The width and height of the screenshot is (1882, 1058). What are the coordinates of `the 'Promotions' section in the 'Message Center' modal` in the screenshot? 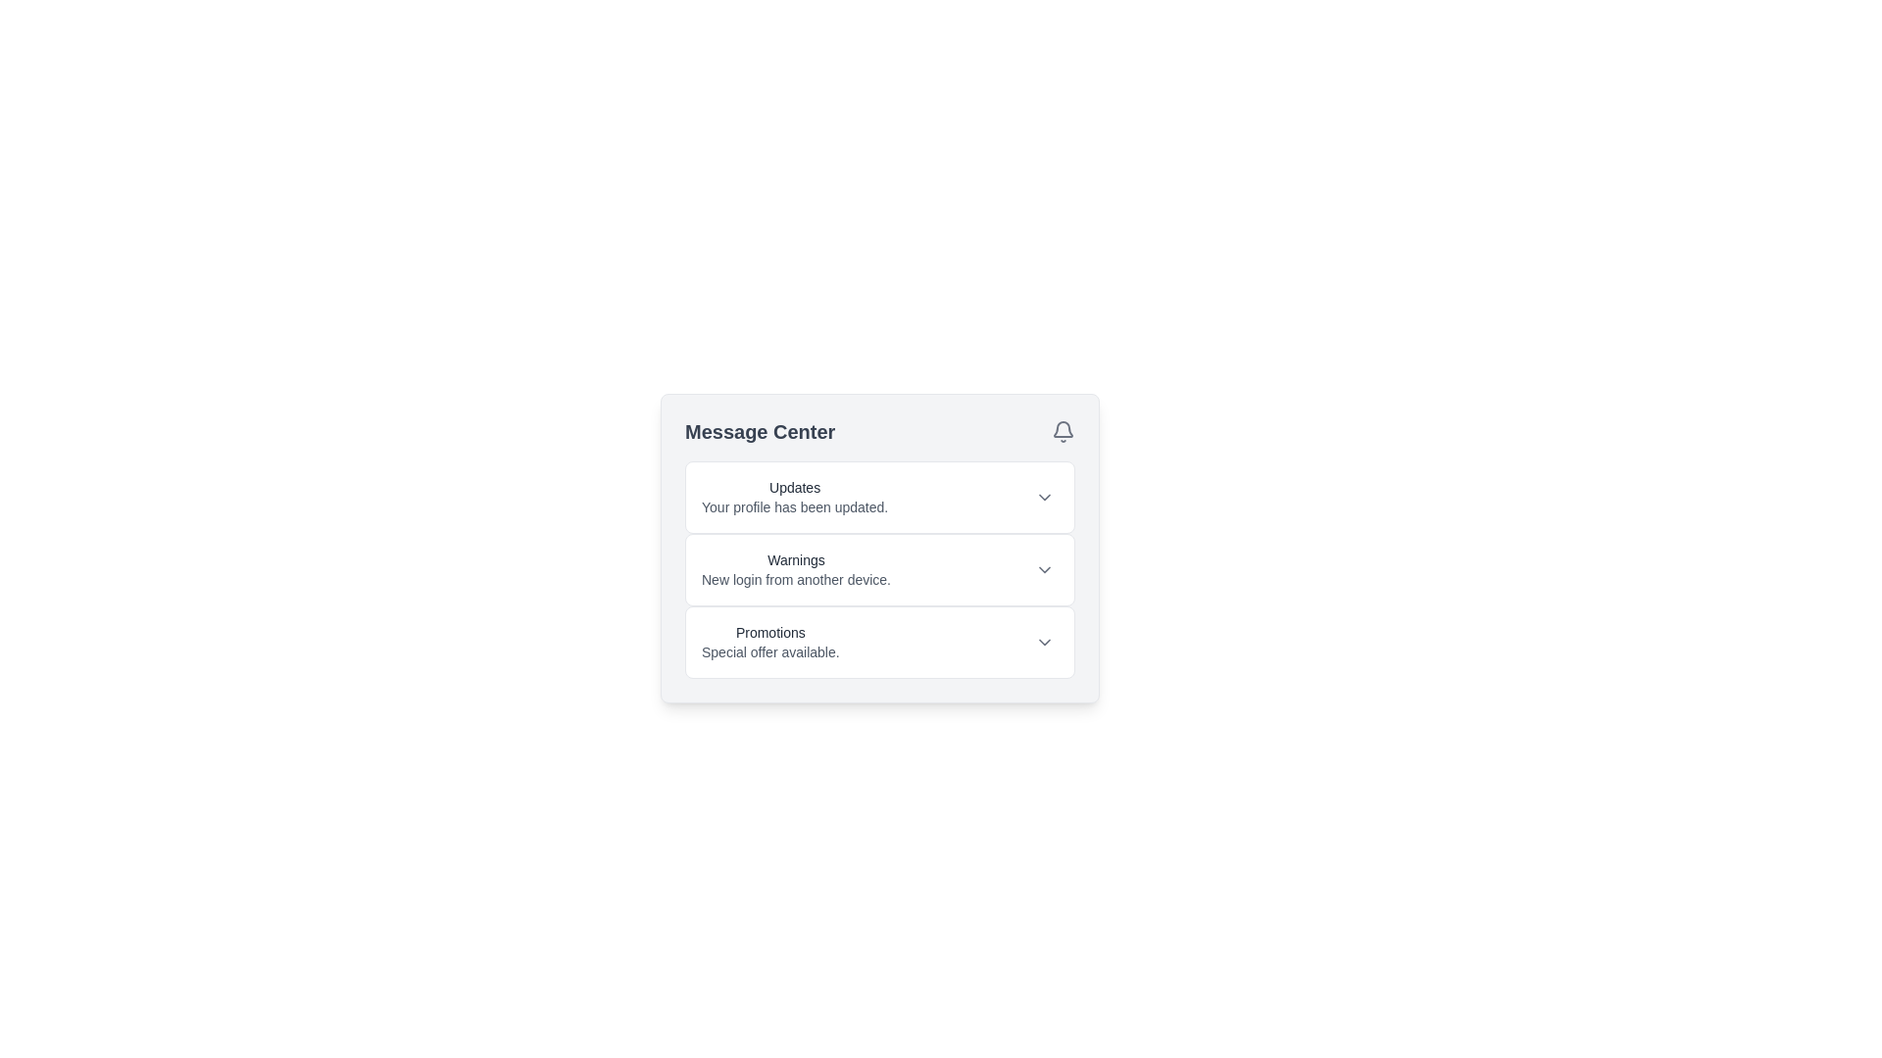 It's located at (878, 642).